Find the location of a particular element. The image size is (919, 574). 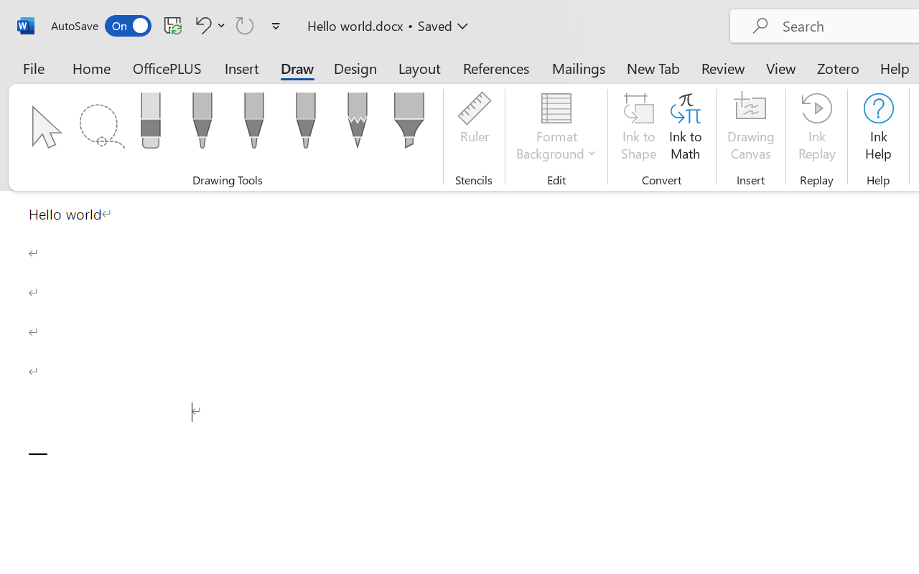

'Ruler' is located at coordinates (475, 128).